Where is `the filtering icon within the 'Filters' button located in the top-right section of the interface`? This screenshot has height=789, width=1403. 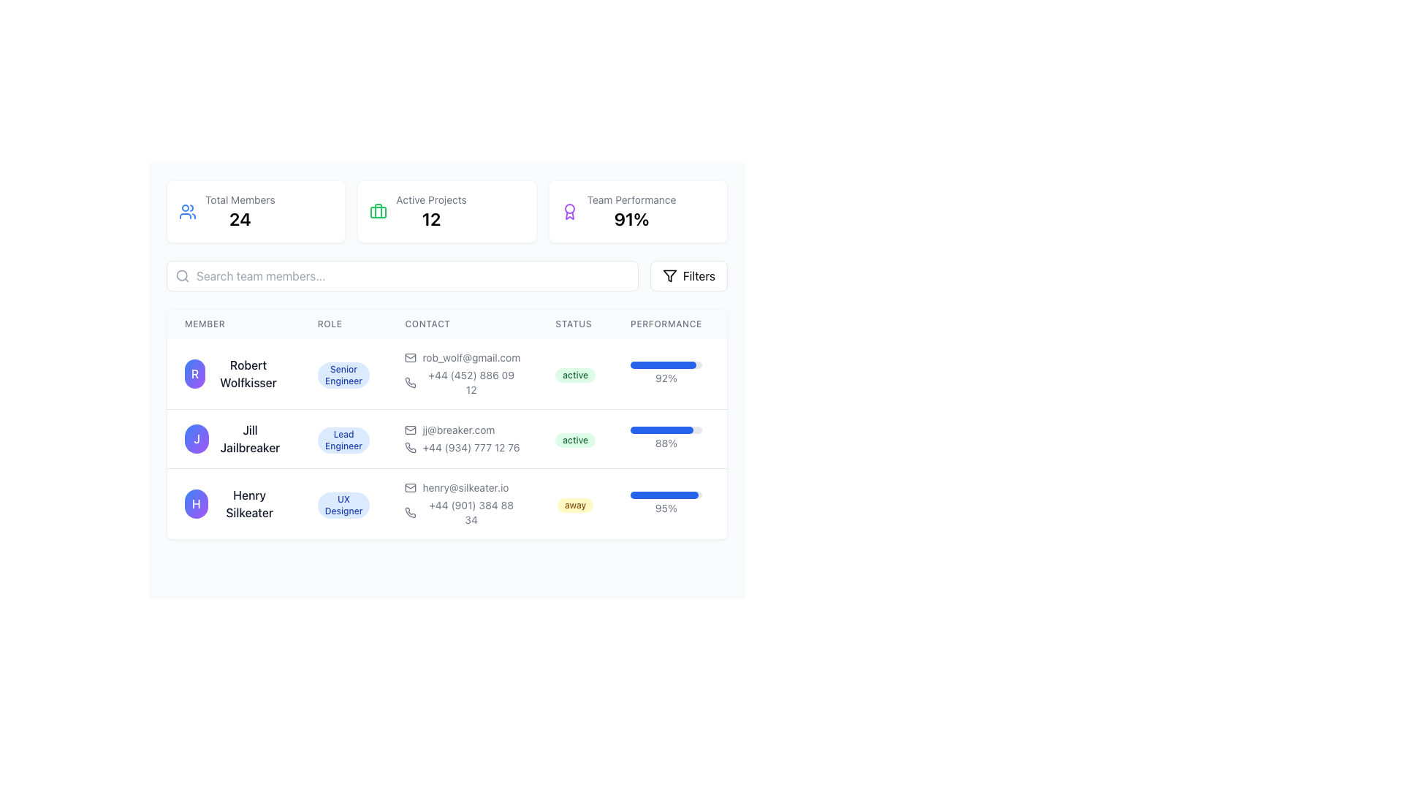
the filtering icon within the 'Filters' button located in the top-right section of the interface is located at coordinates (669, 276).